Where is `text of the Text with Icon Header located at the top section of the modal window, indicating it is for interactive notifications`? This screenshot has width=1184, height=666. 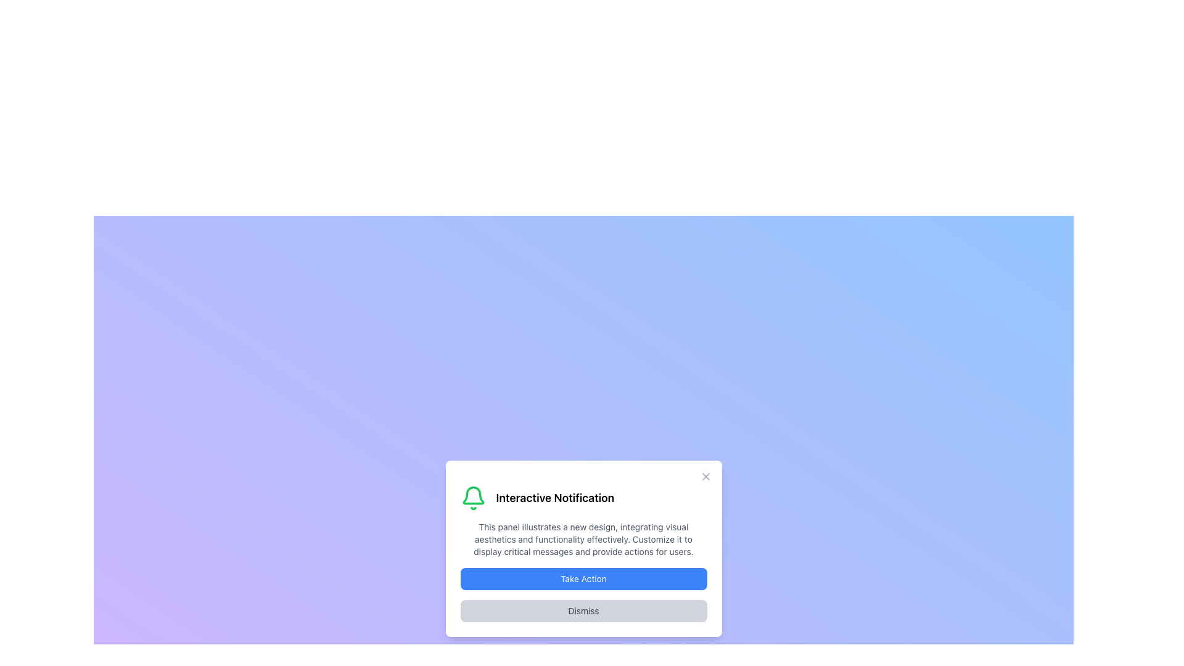 text of the Text with Icon Header located at the top section of the modal window, indicating it is for interactive notifications is located at coordinates (583, 497).